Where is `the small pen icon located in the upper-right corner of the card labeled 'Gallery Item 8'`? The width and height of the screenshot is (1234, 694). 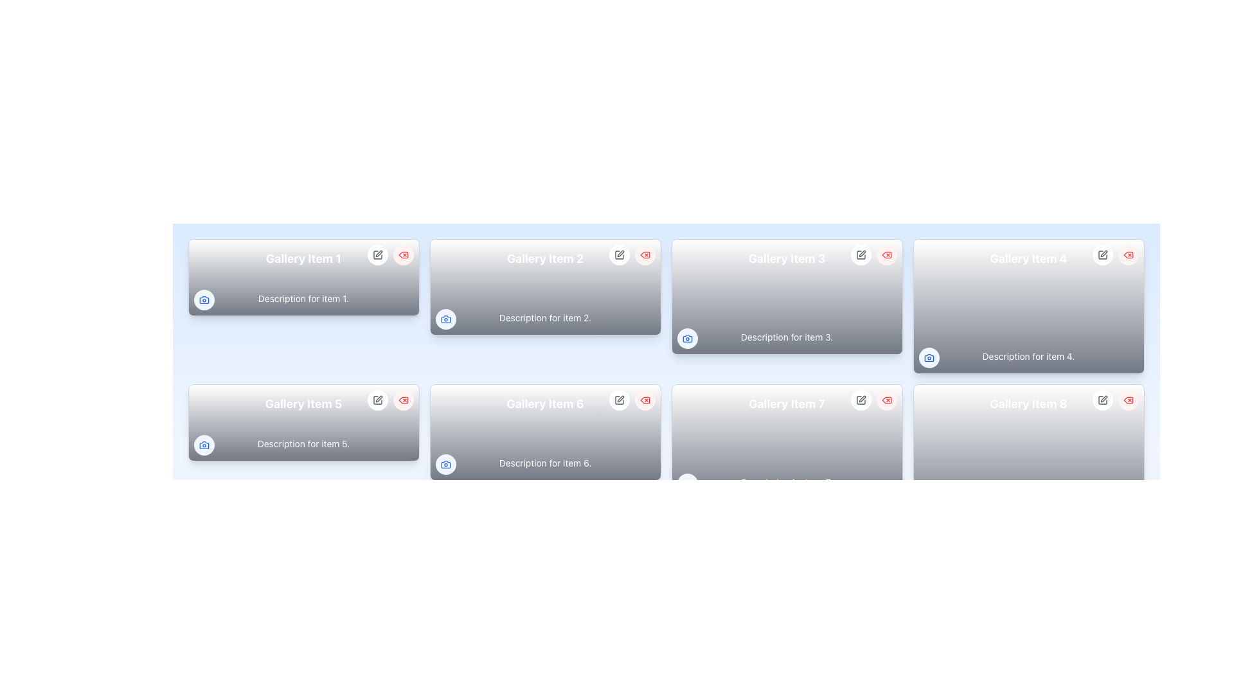
the small pen icon located in the upper-right corner of the card labeled 'Gallery Item 8' is located at coordinates (862, 398).